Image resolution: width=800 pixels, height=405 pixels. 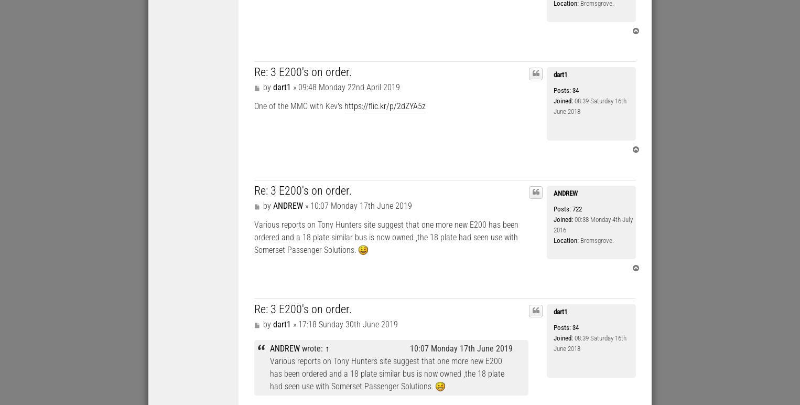 What do you see at coordinates (385, 105) in the screenshot?
I see `'https://flic.kr/p/2dZYA5z'` at bounding box center [385, 105].